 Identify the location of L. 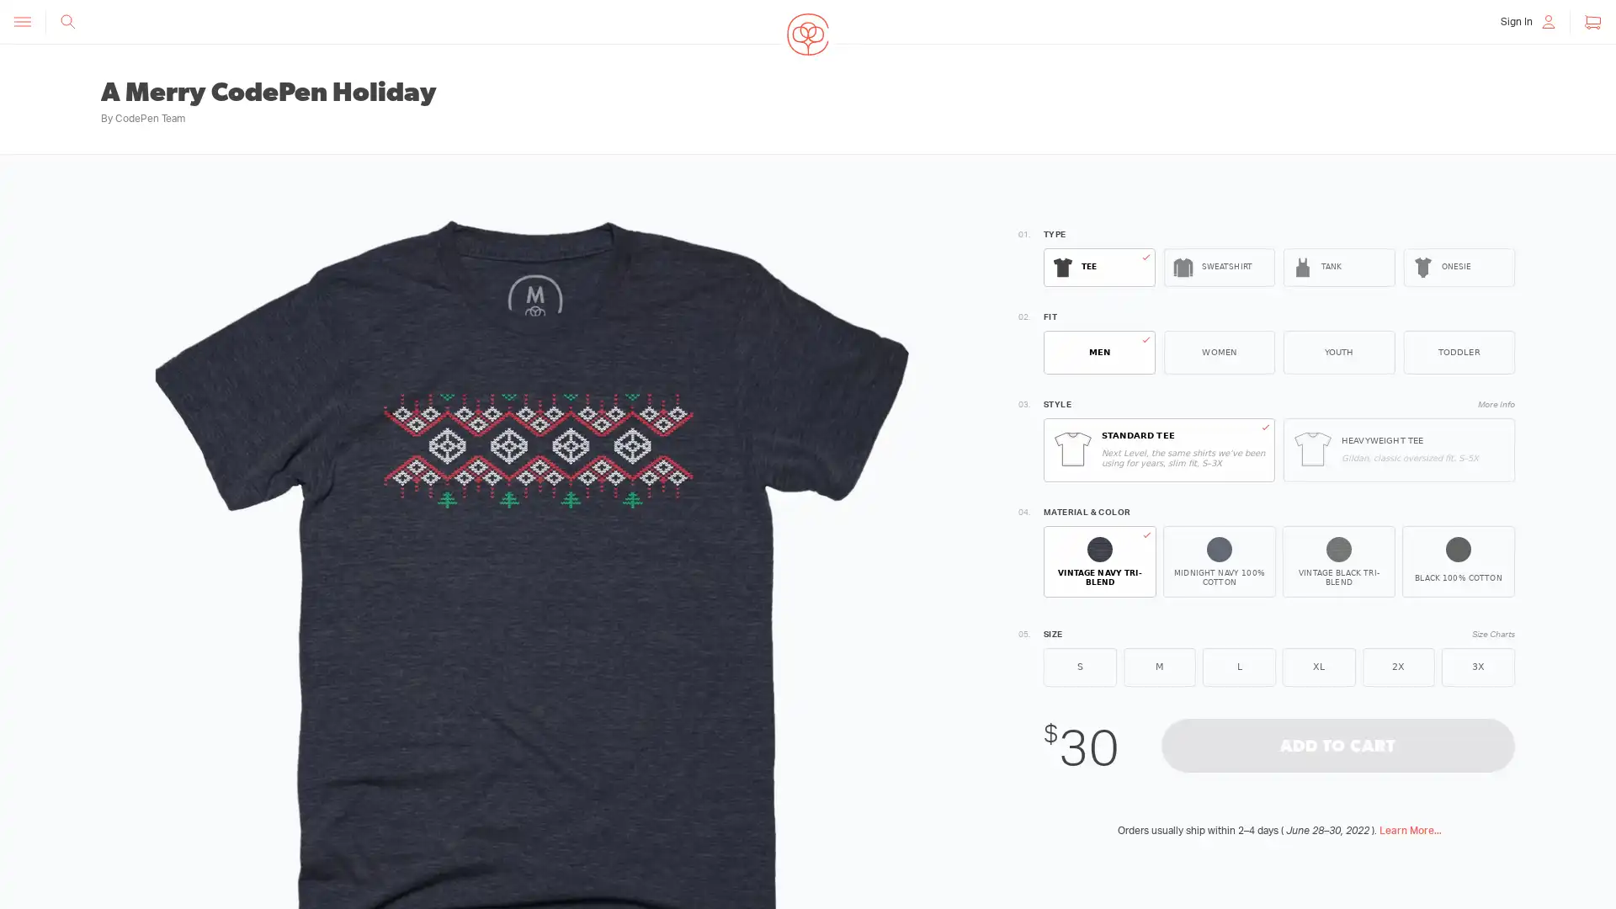
(1239, 665).